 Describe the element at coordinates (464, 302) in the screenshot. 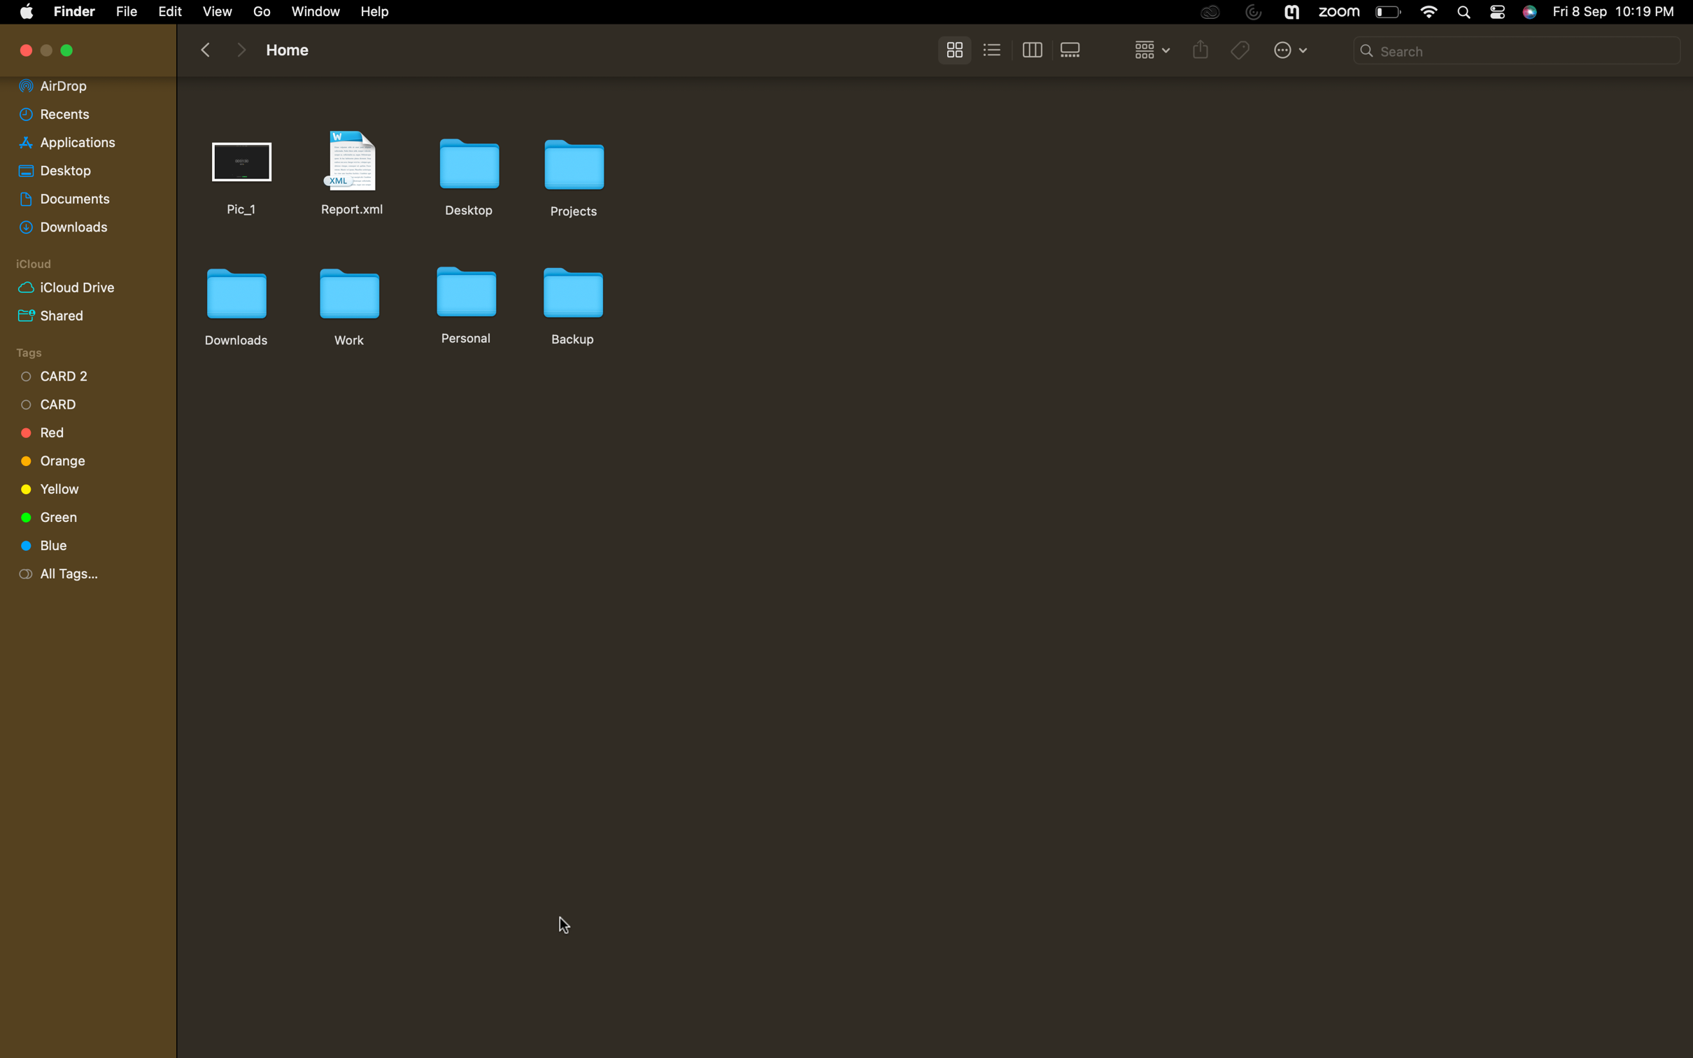

I see `Rename the personal folder to home` at that location.